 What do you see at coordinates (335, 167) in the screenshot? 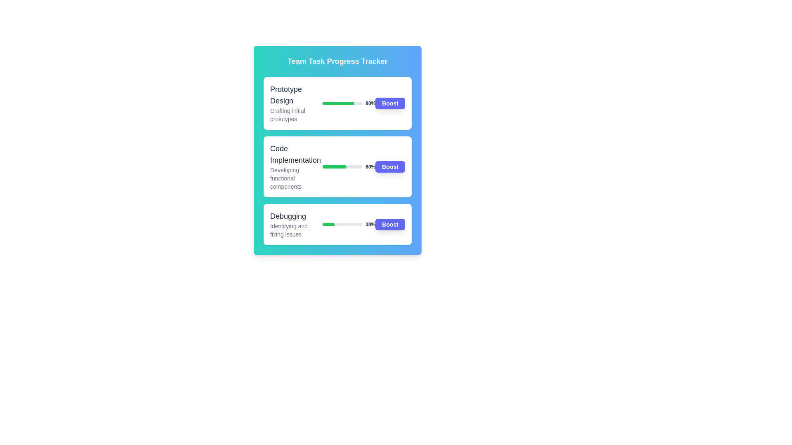
I see `the green progress bar segment located within the second progress bar under the 'Code Implementation' section` at bounding box center [335, 167].